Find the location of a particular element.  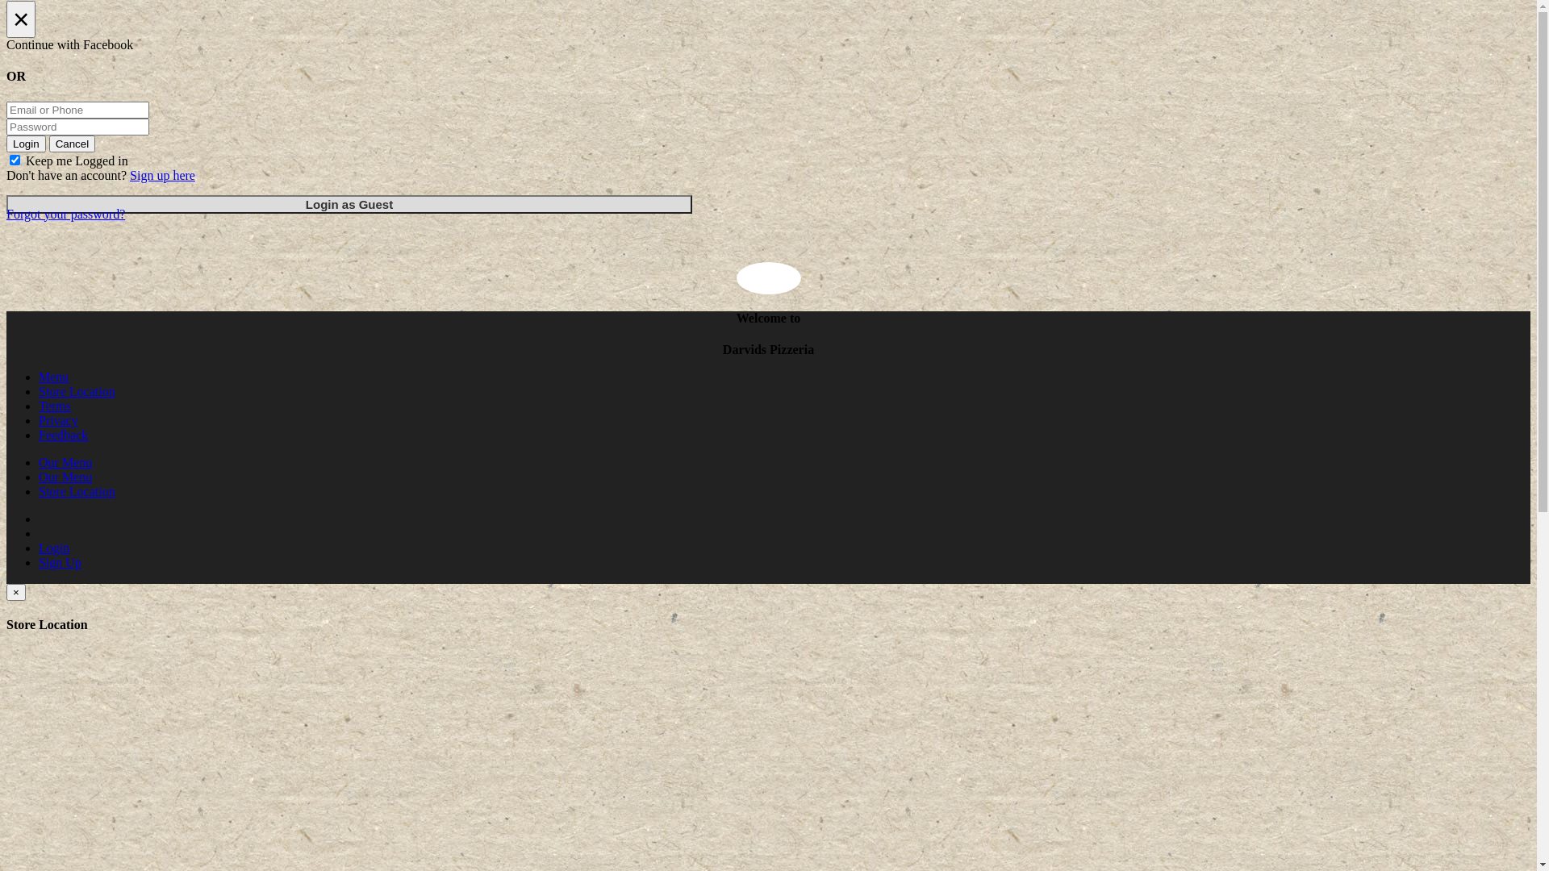

'Forgot your password?' is located at coordinates (6, 213).